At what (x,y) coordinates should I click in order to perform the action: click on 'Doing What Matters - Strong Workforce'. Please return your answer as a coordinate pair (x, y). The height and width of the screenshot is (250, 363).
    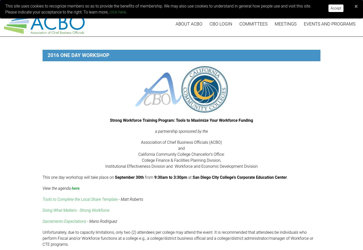
    Looking at the image, I should click on (76, 210).